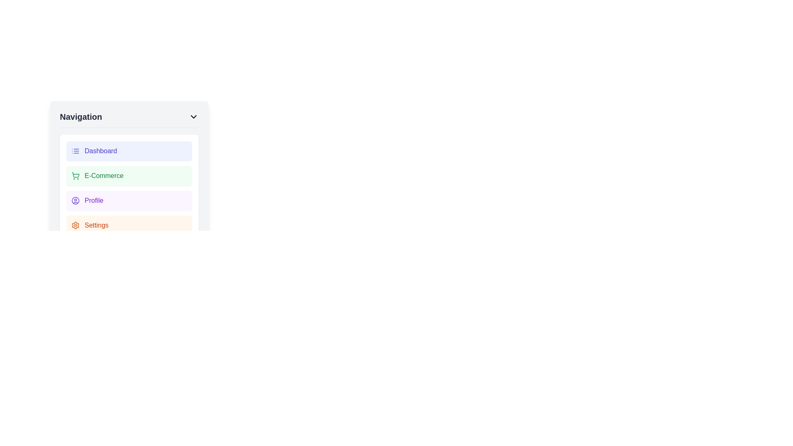 The image size is (793, 446). Describe the element at coordinates (128, 188) in the screenshot. I see `the navigation button located below the 'Dashboard' and above the 'Profile' in the vertical navigation list` at that location.